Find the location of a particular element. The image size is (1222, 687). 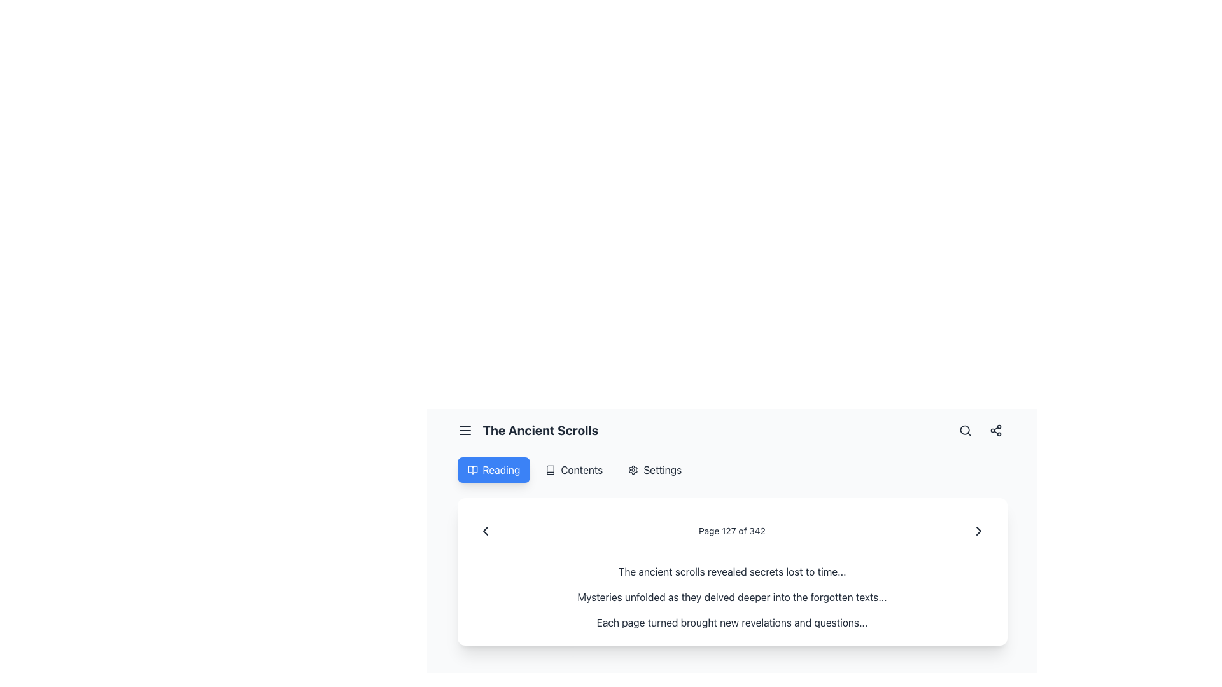

text of the header label located immediately to the right of the menu icon consisting of three horizontal lines is located at coordinates (528, 430).